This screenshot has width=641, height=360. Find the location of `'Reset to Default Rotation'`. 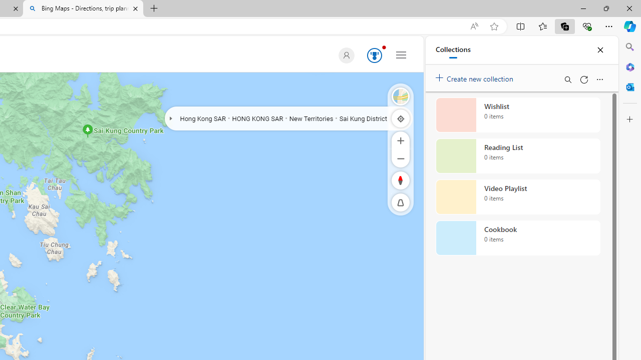

'Reset to Default Rotation' is located at coordinates (401, 180).